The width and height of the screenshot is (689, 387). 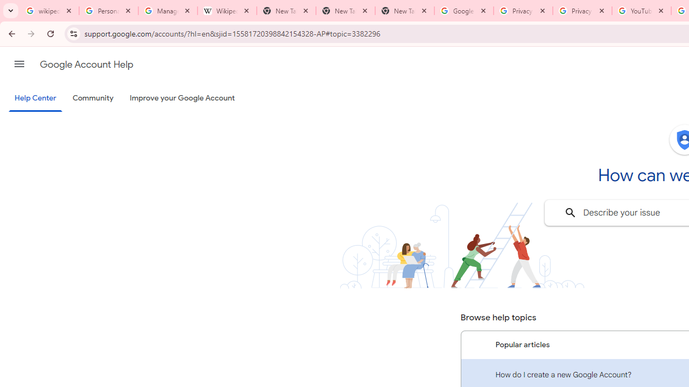 What do you see at coordinates (167, 11) in the screenshot?
I see `'Manage your Location History - Google Search Help'` at bounding box center [167, 11].